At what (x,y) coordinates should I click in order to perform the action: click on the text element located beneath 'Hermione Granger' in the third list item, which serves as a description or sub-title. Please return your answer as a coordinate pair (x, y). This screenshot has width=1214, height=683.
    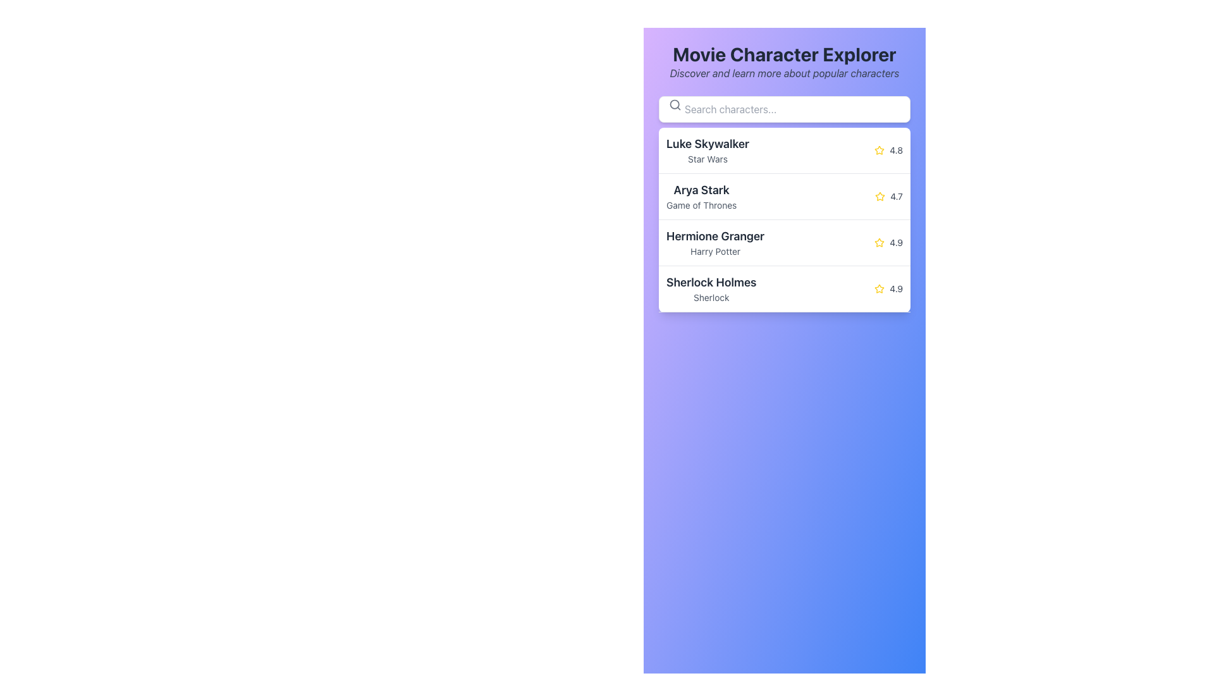
    Looking at the image, I should click on (715, 251).